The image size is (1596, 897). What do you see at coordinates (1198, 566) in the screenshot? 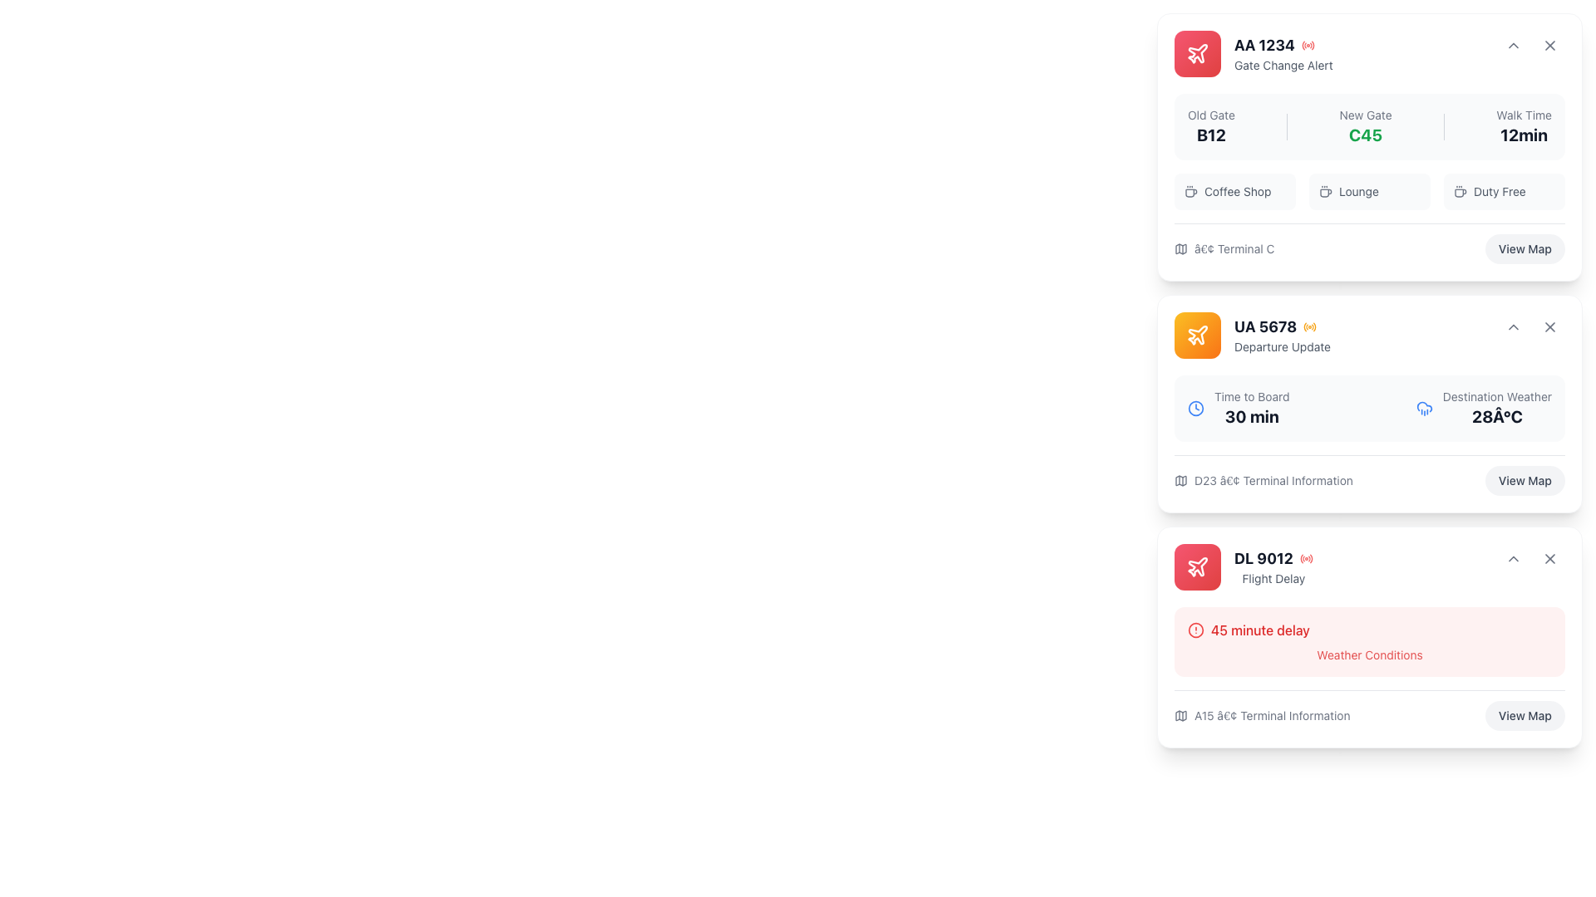
I see `the small red plane icon located at the top-left corner of the 'AA 1234 Gate Change Alert' card, which symbolizes flight-related features` at bounding box center [1198, 566].